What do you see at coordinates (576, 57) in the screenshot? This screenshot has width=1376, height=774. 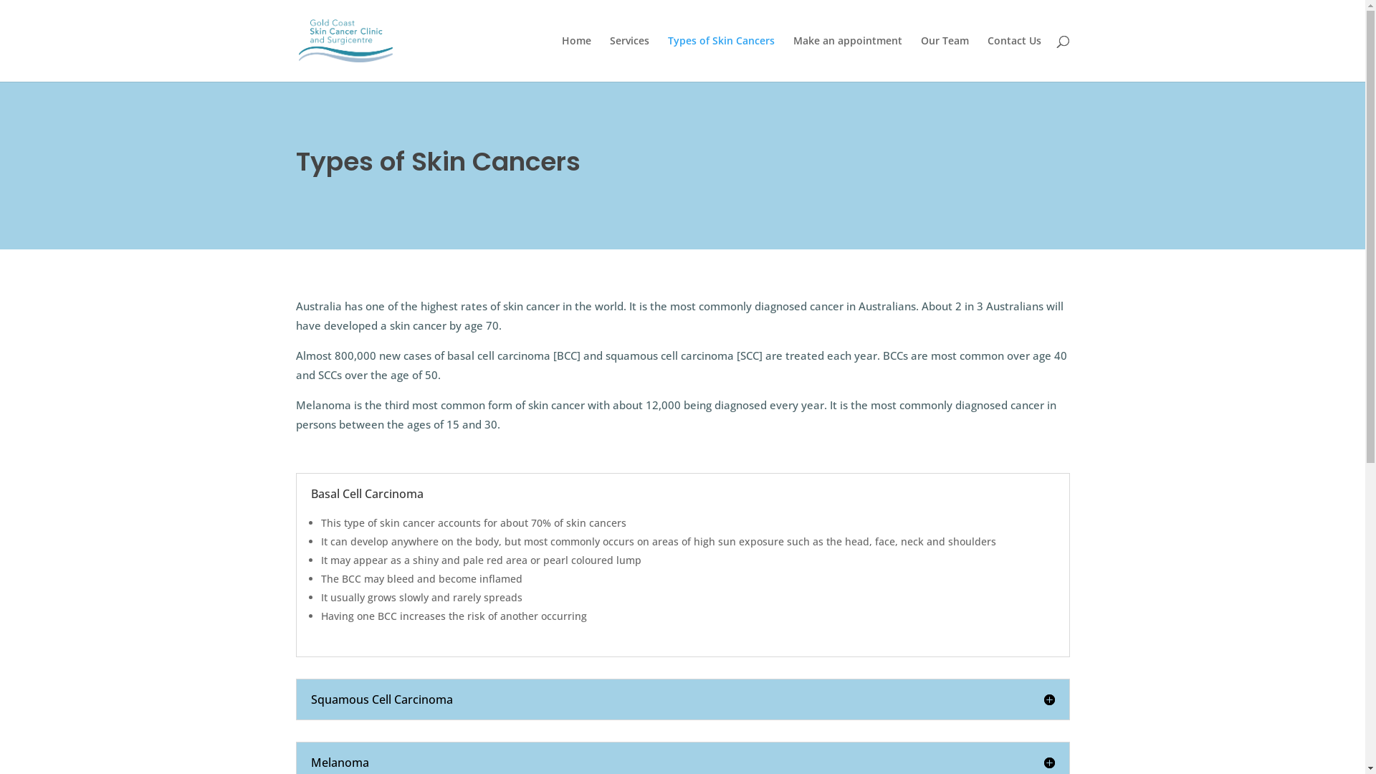 I see `'Home'` at bounding box center [576, 57].